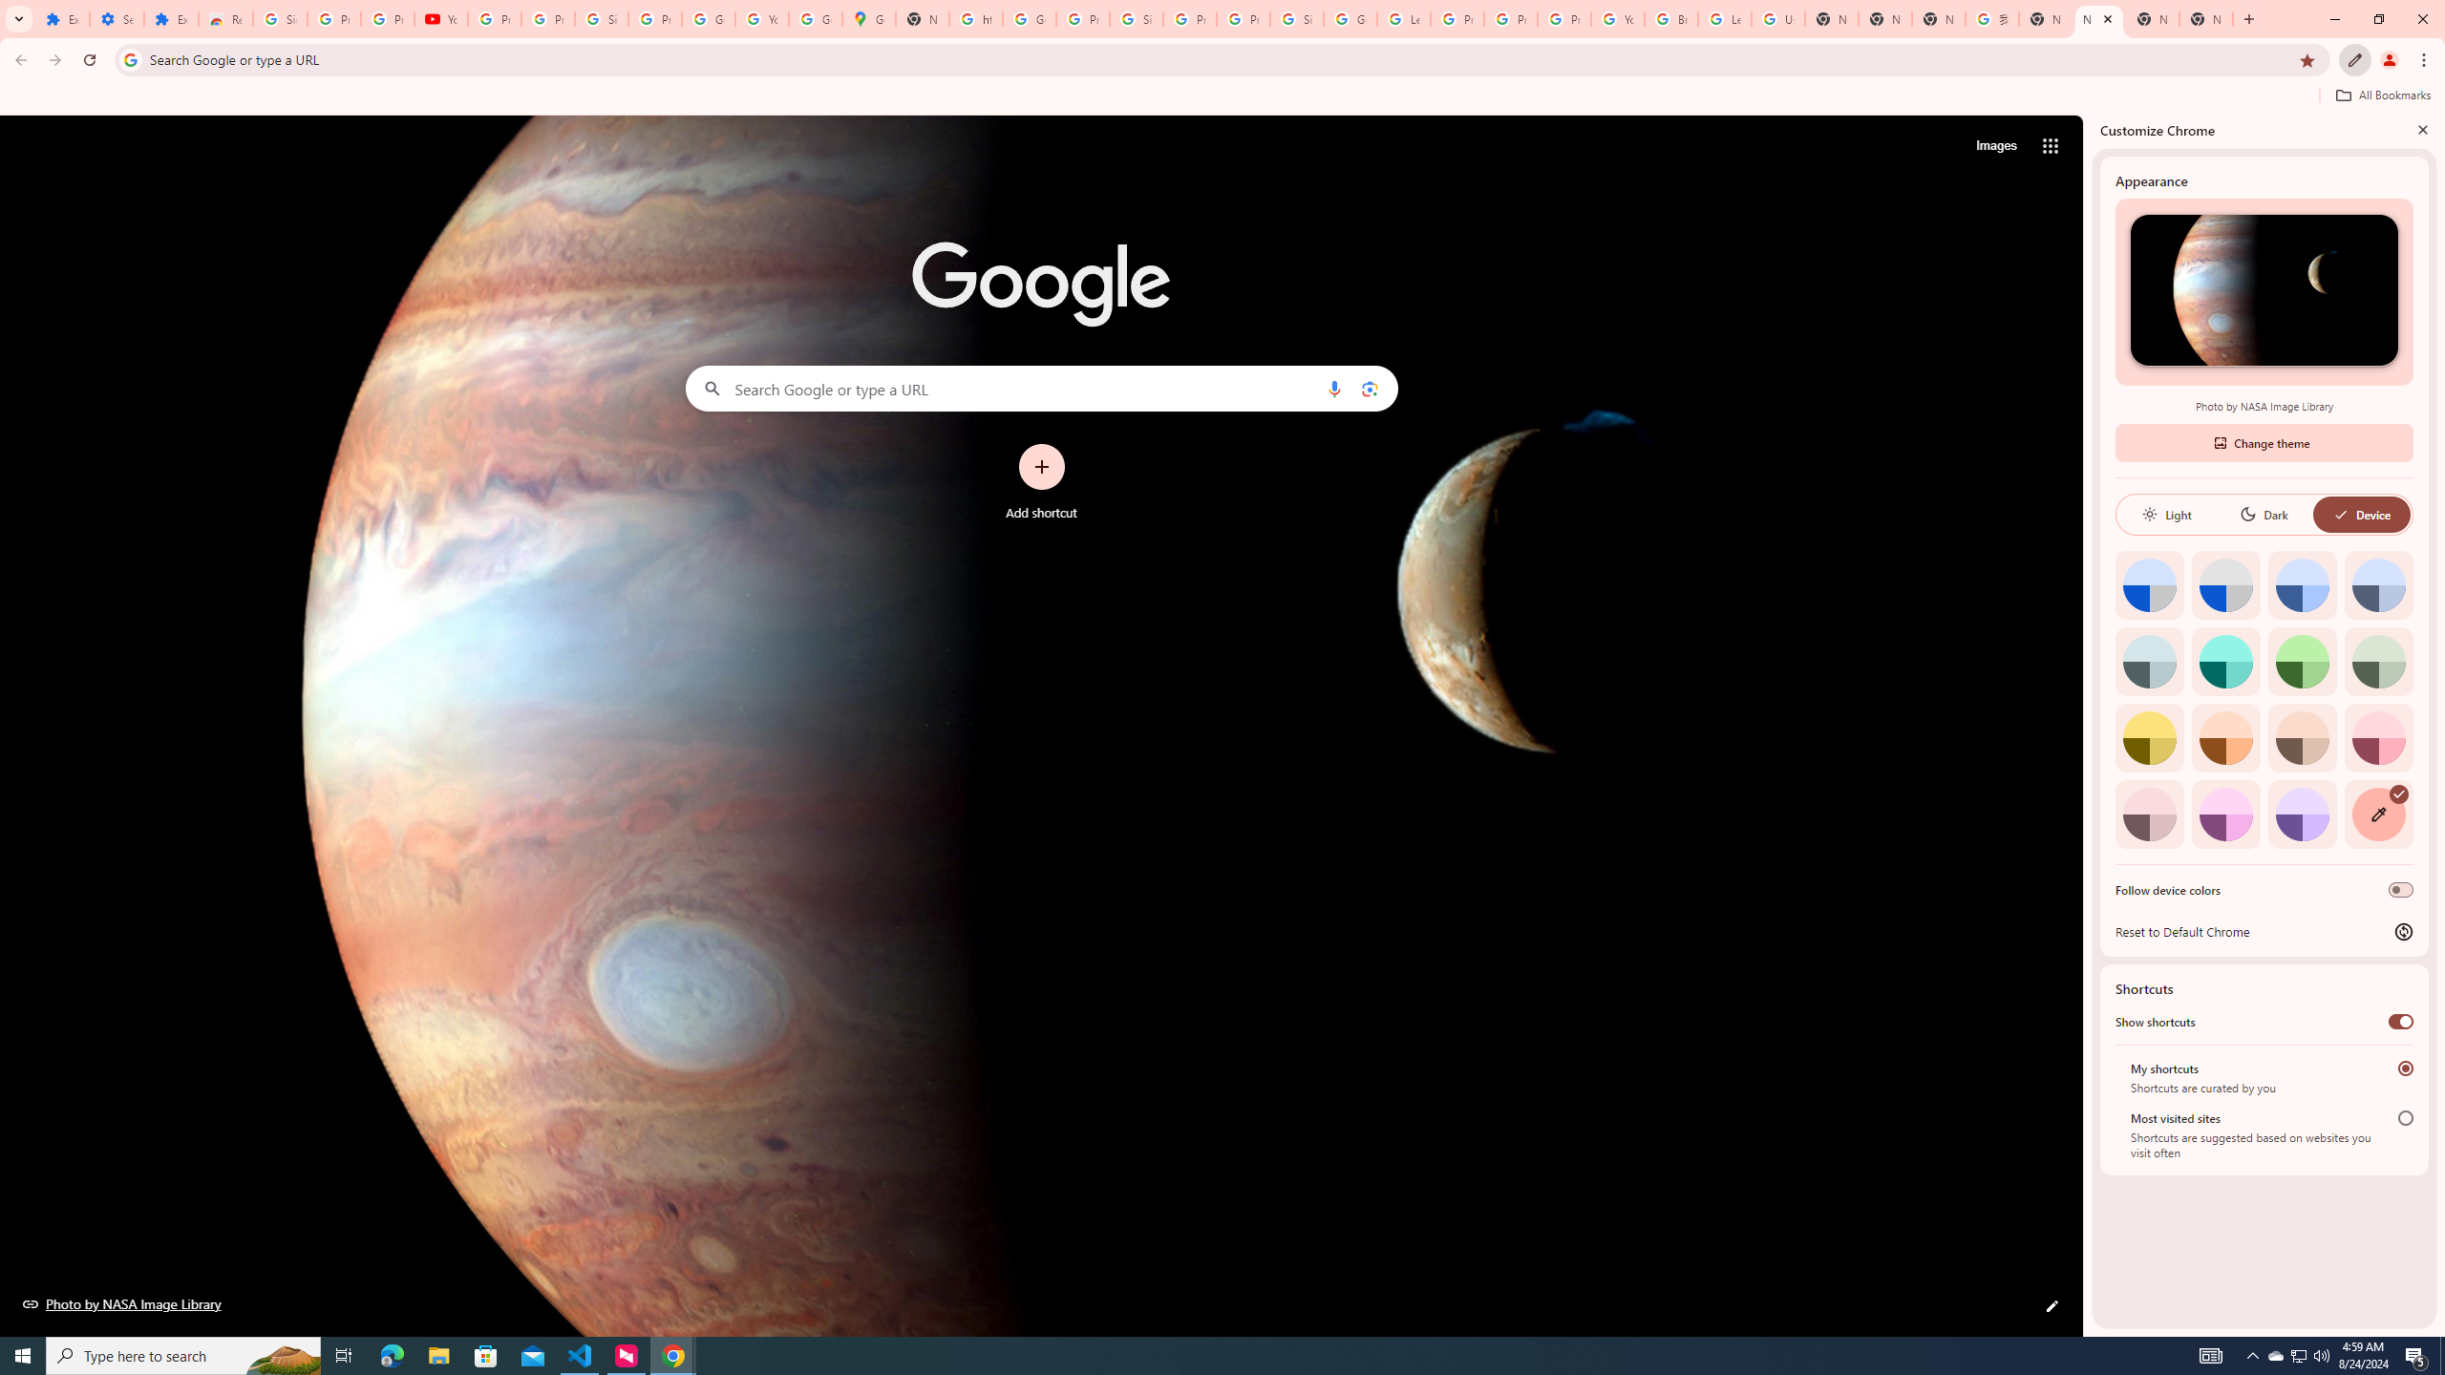 This screenshot has width=2445, height=1375. What do you see at coordinates (2263, 513) in the screenshot?
I see `'Dark'` at bounding box center [2263, 513].